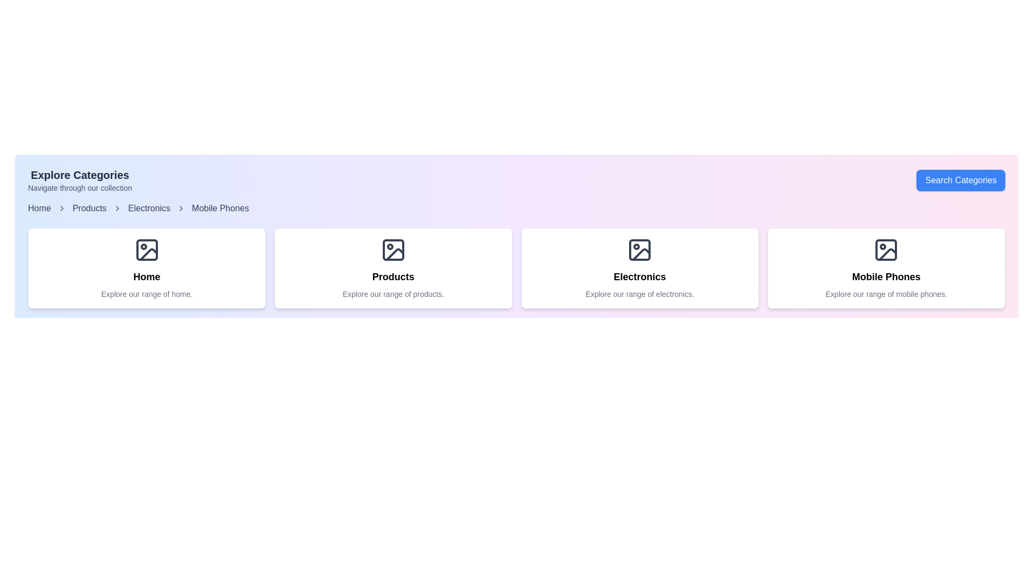 This screenshot has width=1035, height=582. Describe the element at coordinates (639, 250) in the screenshot. I see `small dark gray rectangular graphic element with rounded corners located inside the 'Electronics' card, specifically within the top icon representing an image frame` at that location.